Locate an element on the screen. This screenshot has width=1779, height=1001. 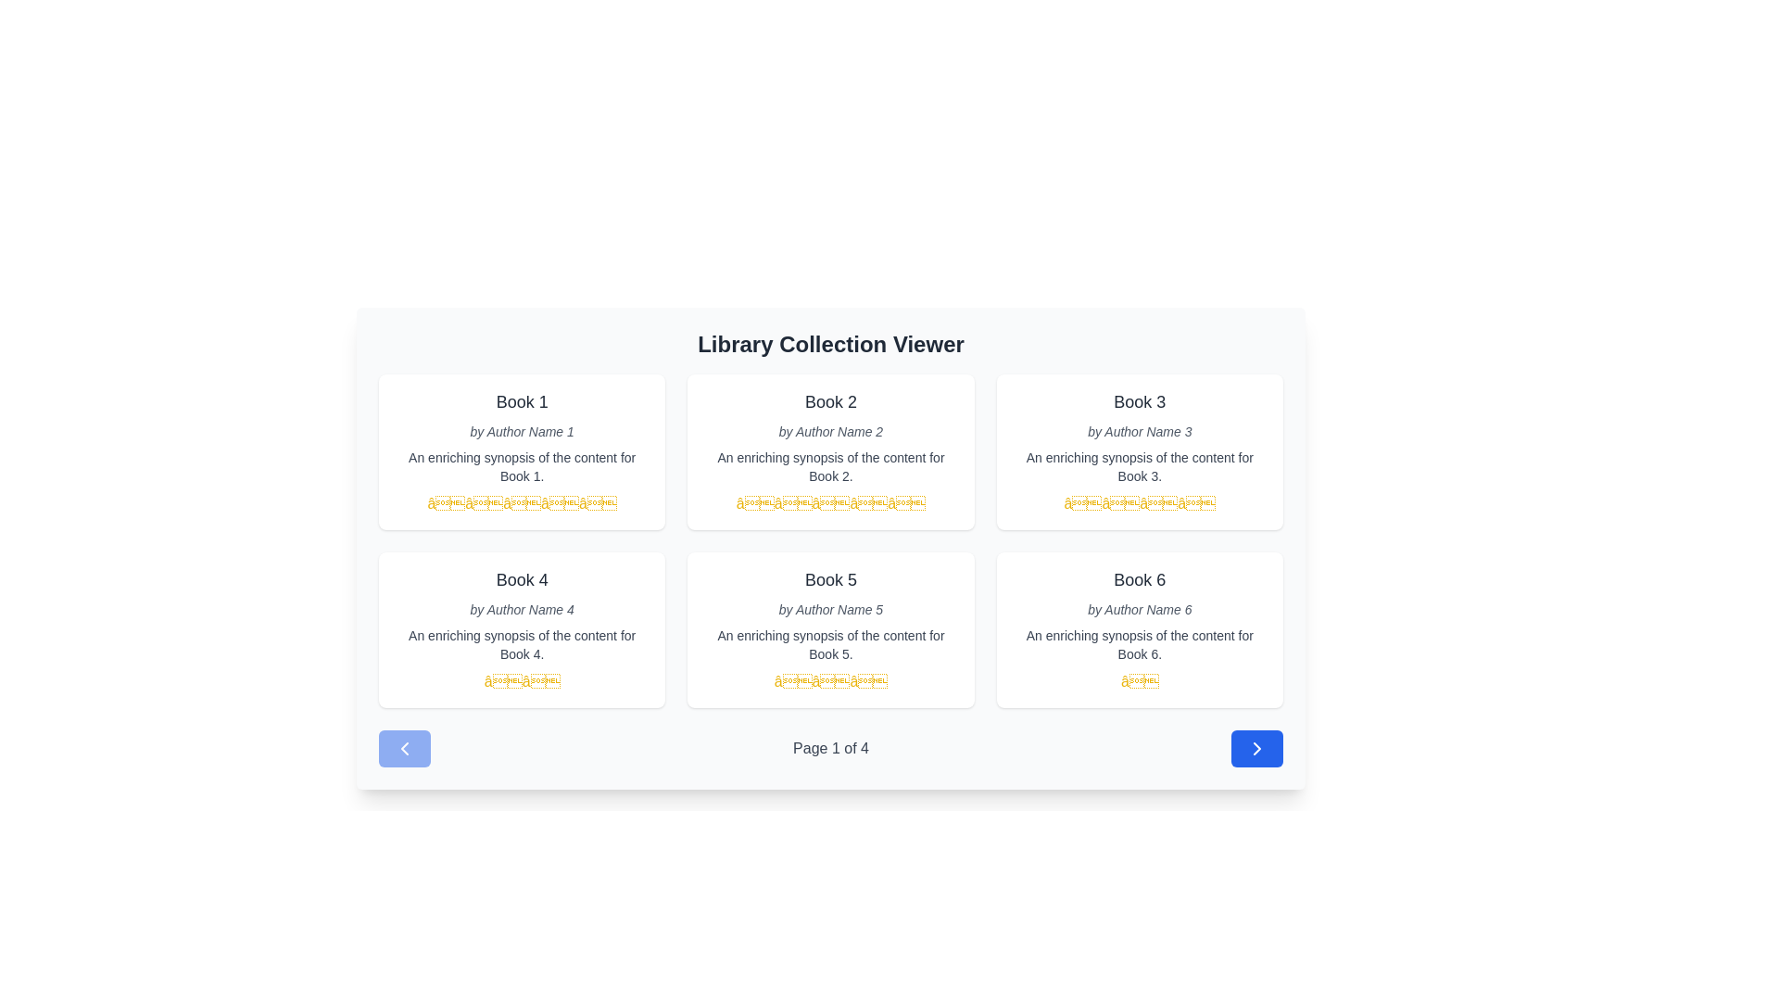
the static text element displaying 'by Author Name 6', which is styled in a smaller italicized gray font and located below the title 'Book 6' is located at coordinates (1139, 610).